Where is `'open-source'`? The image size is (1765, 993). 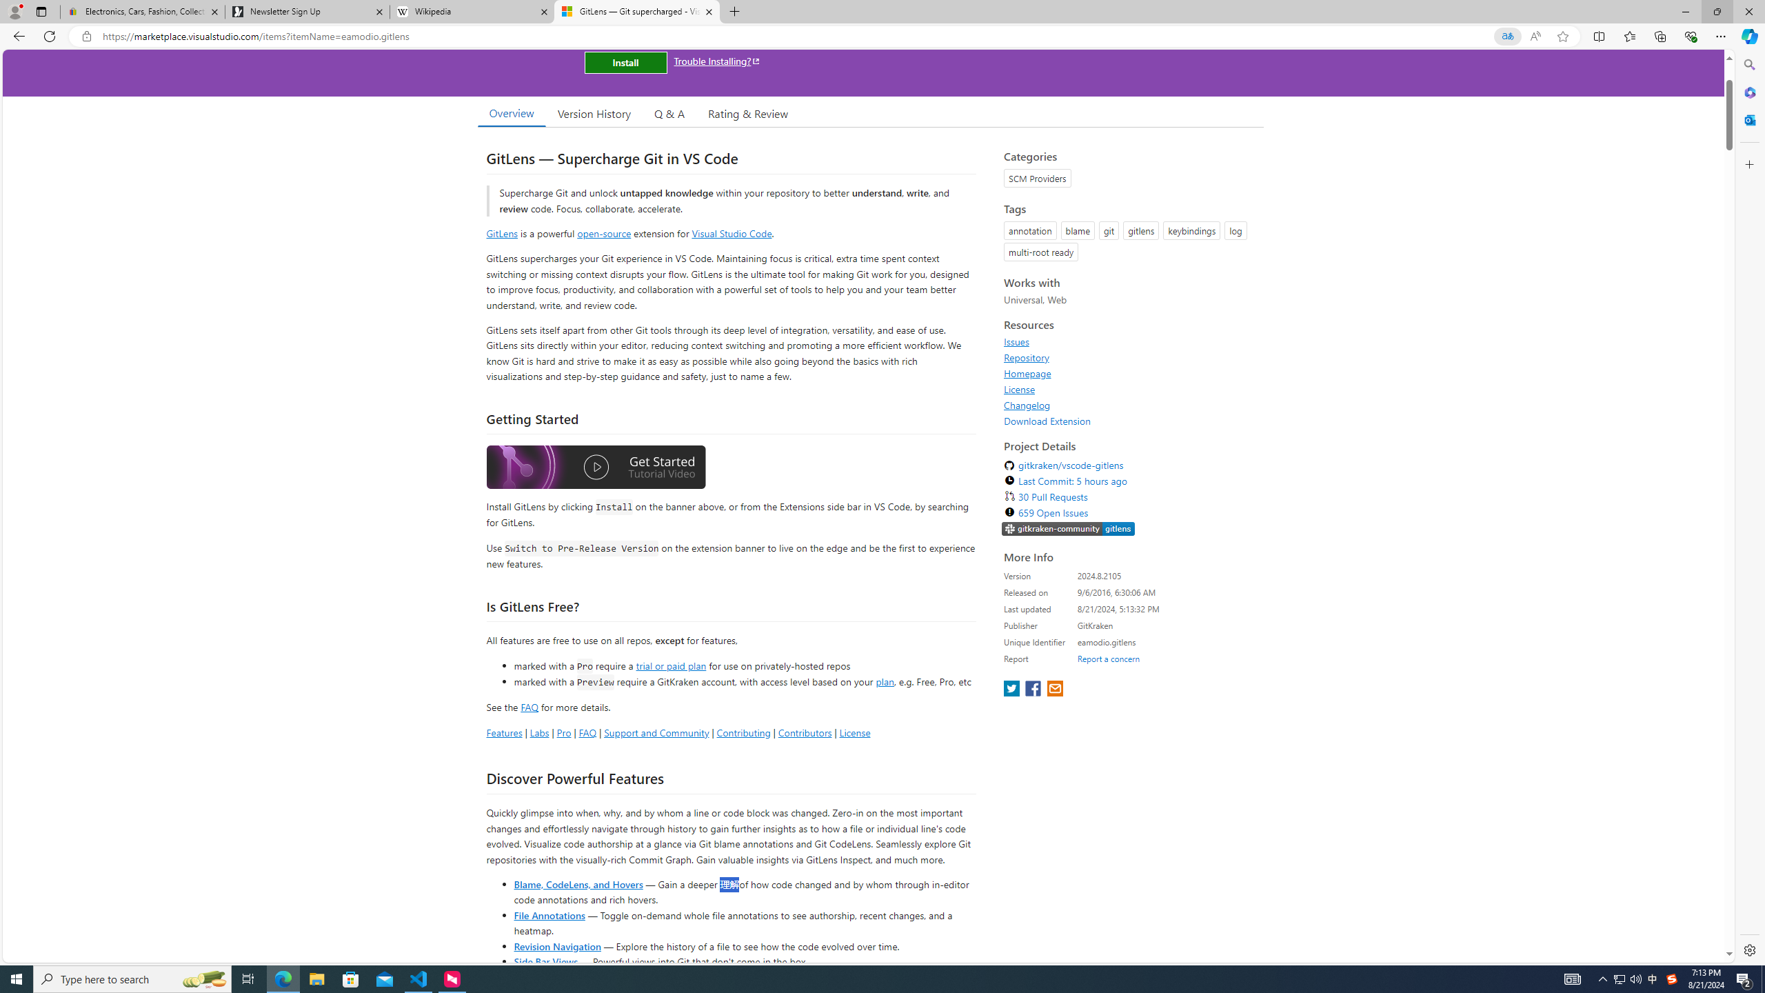 'open-source' is located at coordinates (604, 232).